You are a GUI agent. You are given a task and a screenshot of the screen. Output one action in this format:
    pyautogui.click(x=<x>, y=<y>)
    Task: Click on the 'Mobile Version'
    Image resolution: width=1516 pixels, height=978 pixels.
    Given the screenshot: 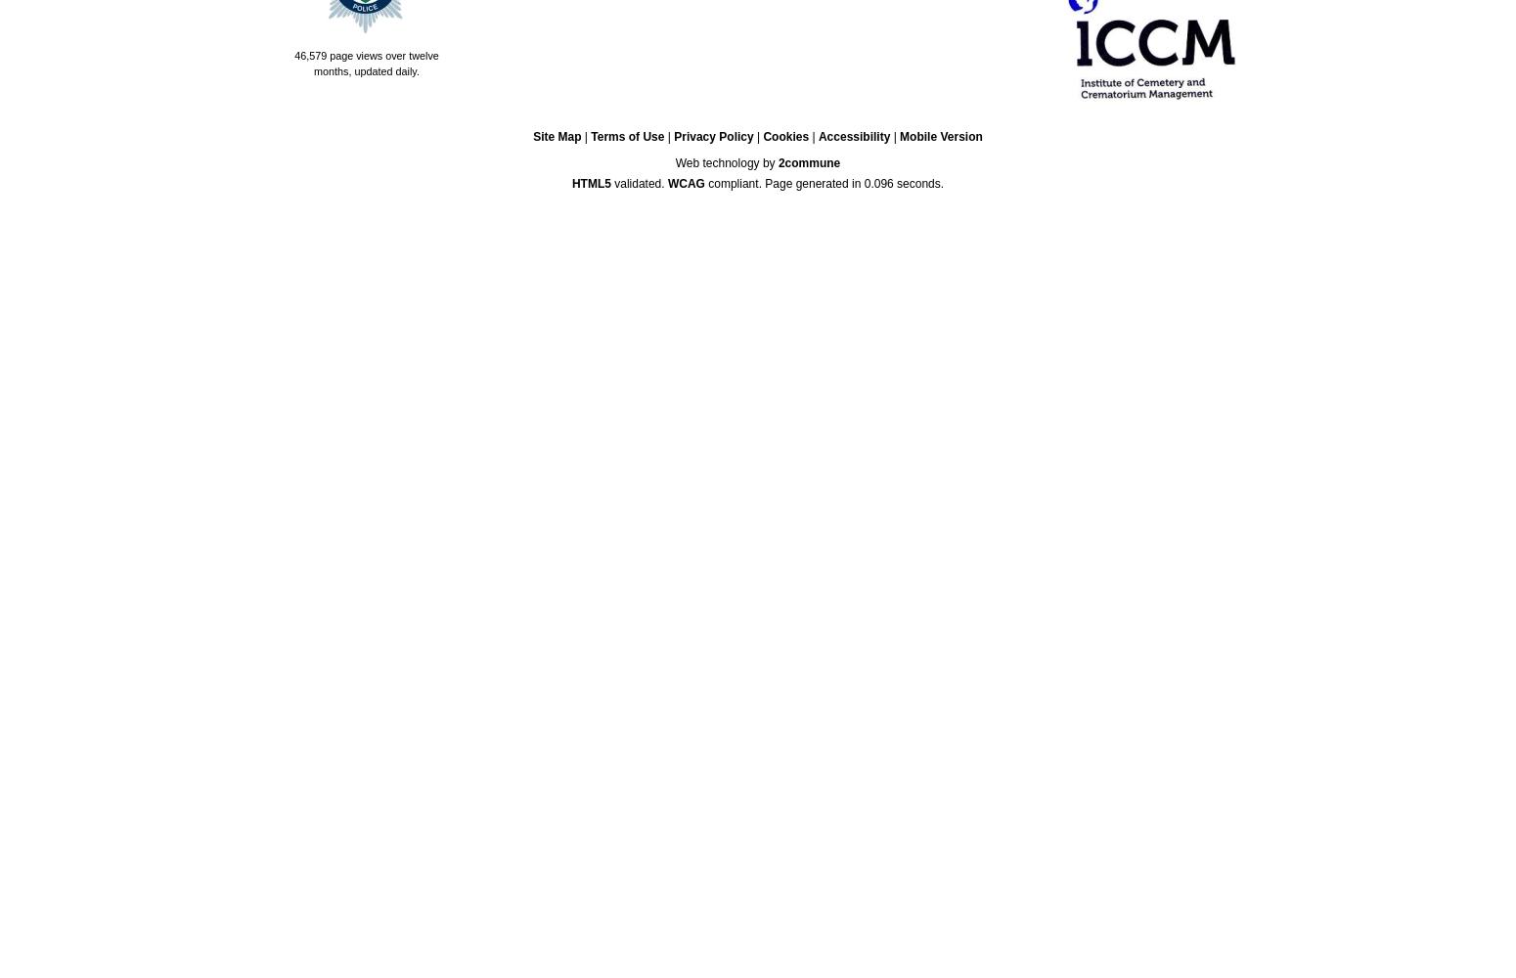 What is the action you would take?
    pyautogui.click(x=939, y=136)
    